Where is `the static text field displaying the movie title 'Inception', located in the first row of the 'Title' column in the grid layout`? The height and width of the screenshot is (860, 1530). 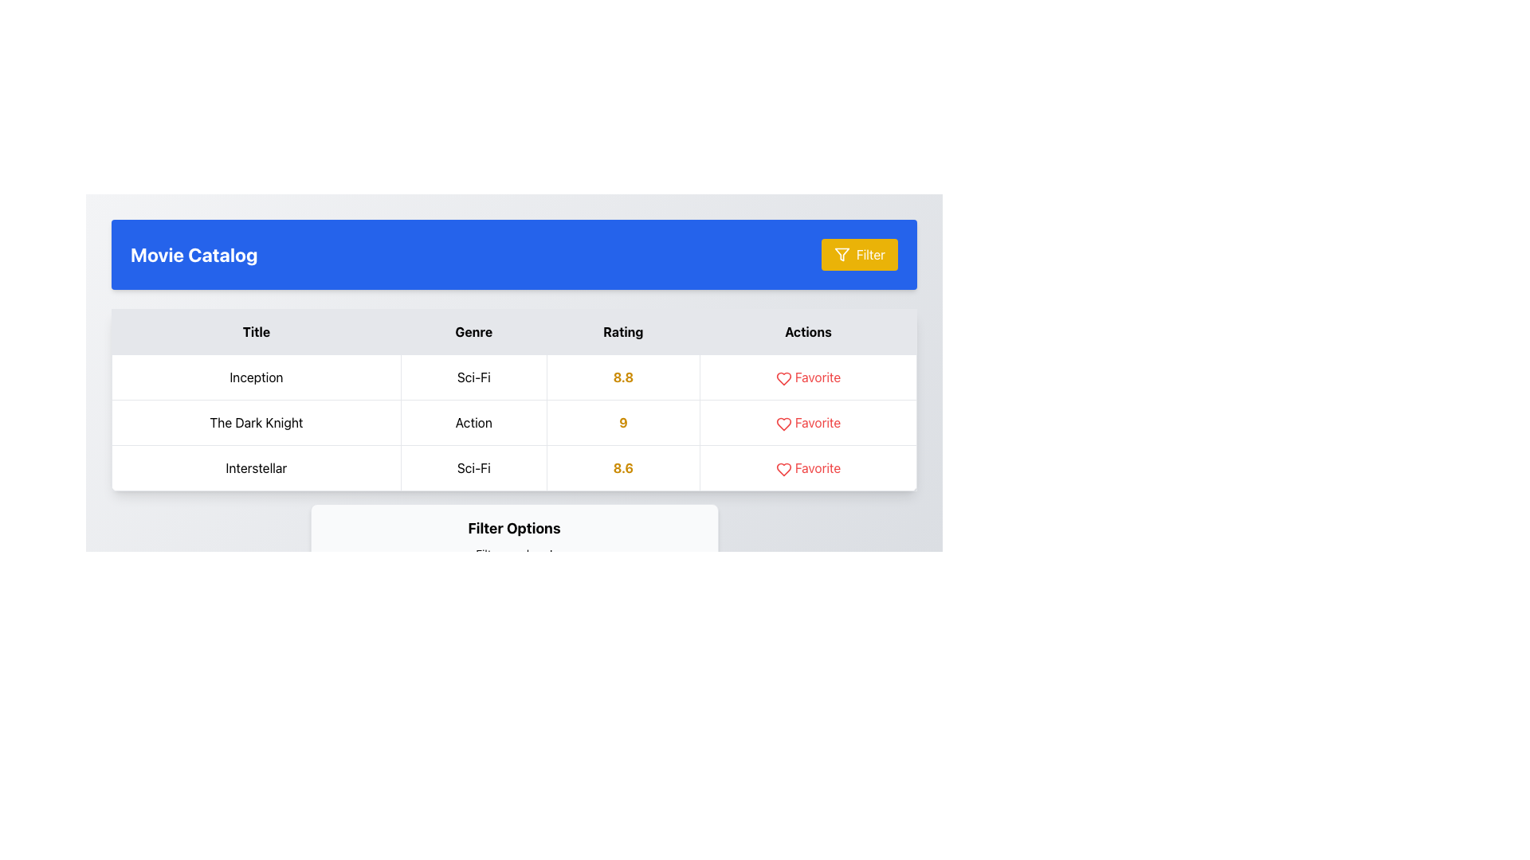
the static text field displaying the movie title 'Inception', located in the first row of the 'Title' column in the grid layout is located at coordinates (256, 377).